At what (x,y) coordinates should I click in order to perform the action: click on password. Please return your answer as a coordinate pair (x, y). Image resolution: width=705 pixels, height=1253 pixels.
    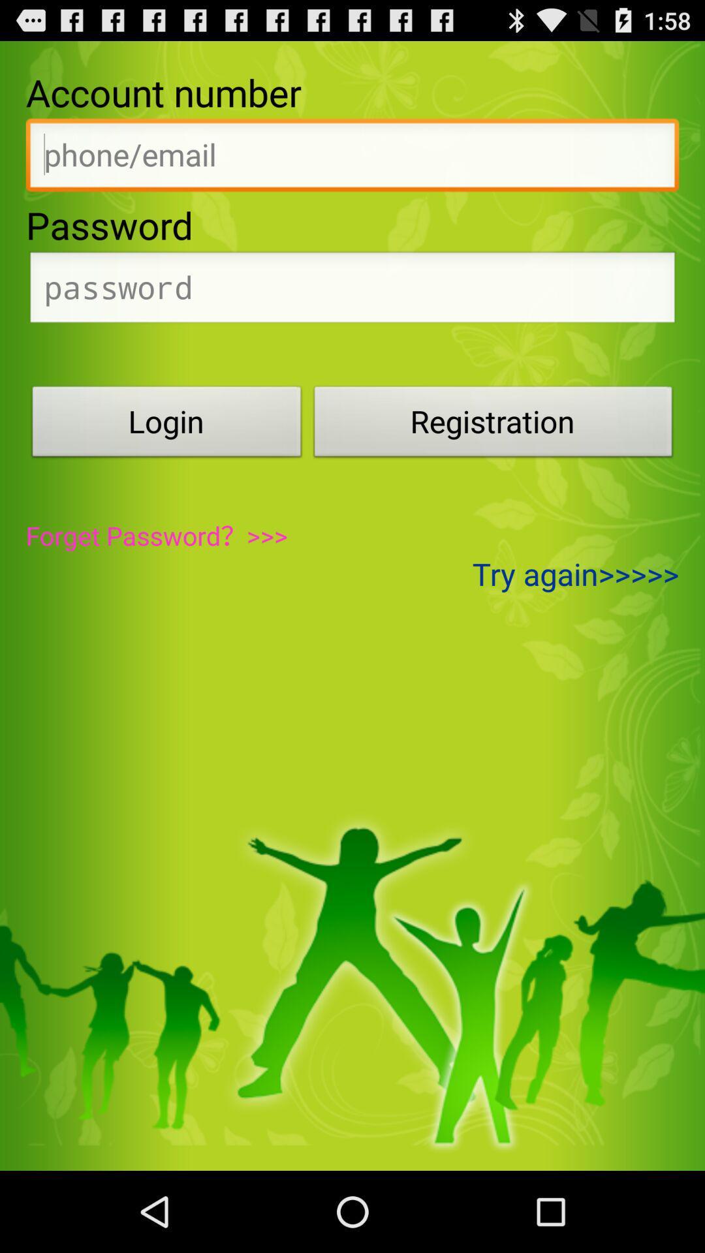
    Looking at the image, I should click on (352, 290).